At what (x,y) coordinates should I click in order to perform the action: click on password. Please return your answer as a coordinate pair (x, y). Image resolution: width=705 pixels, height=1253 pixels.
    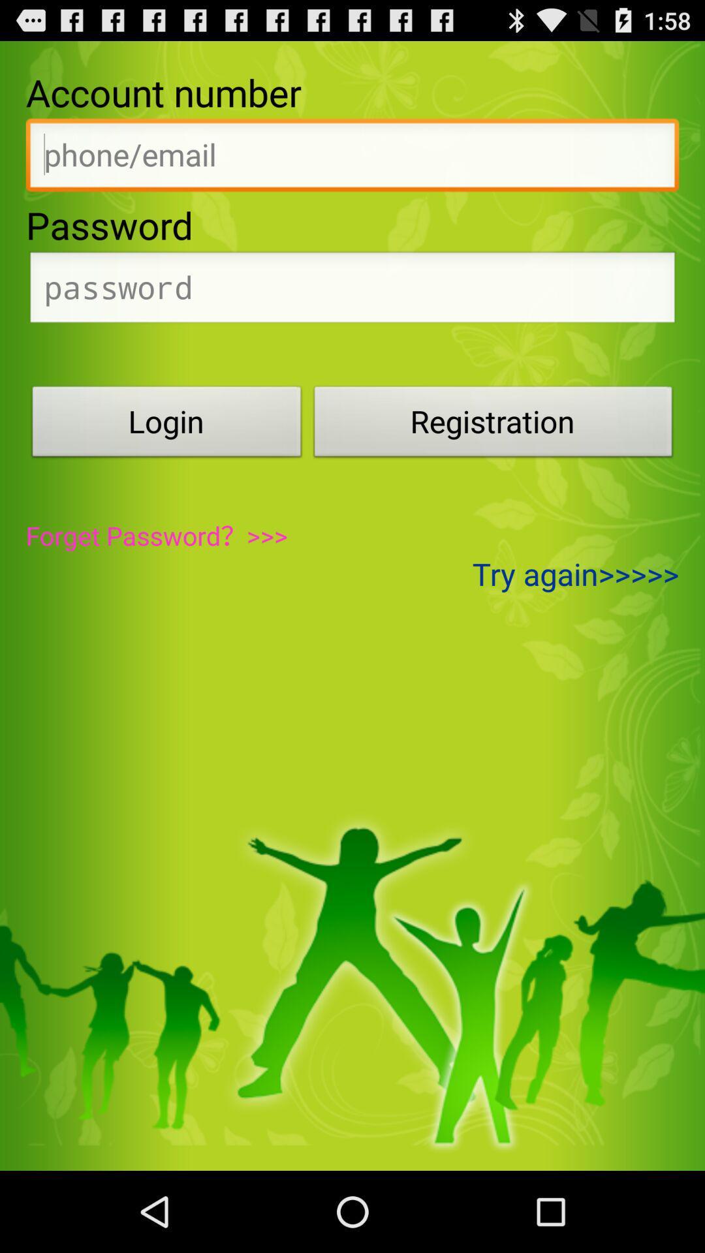
    Looking at the image, I should click on (352, 290).